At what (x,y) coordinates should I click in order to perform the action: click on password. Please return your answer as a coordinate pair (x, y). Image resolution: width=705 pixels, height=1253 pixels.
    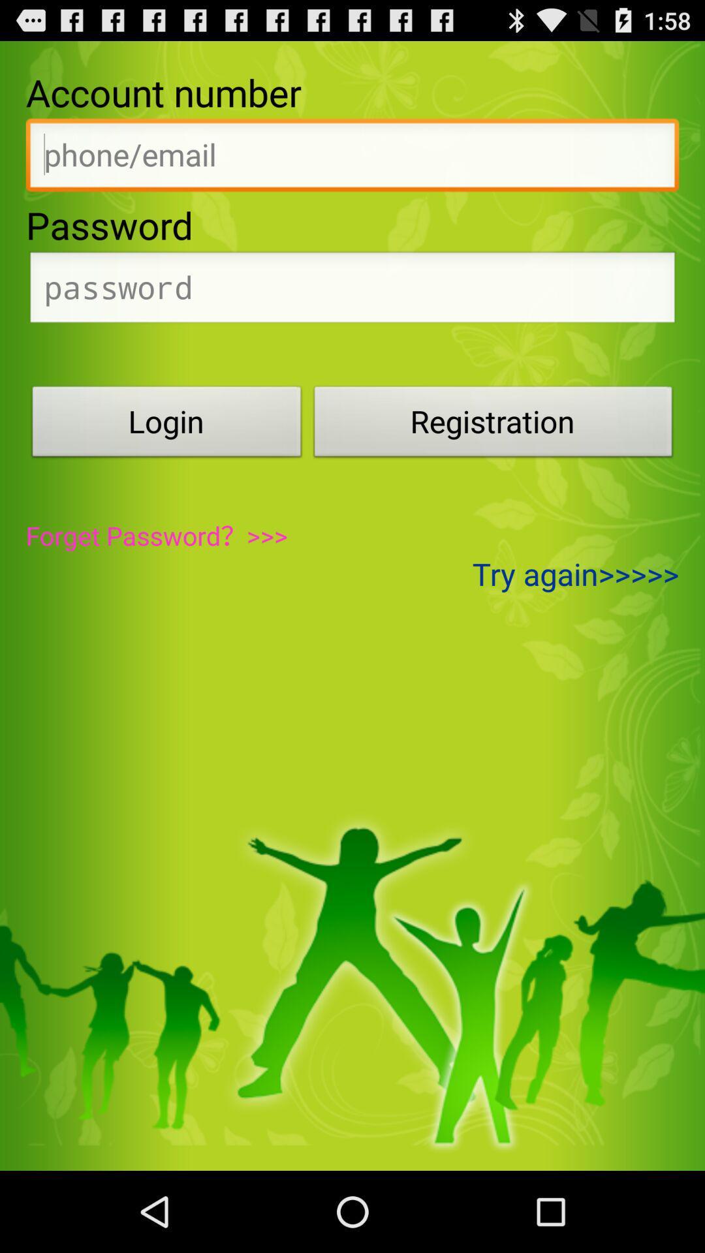
    Looking at the image, I should click on (352, 290).